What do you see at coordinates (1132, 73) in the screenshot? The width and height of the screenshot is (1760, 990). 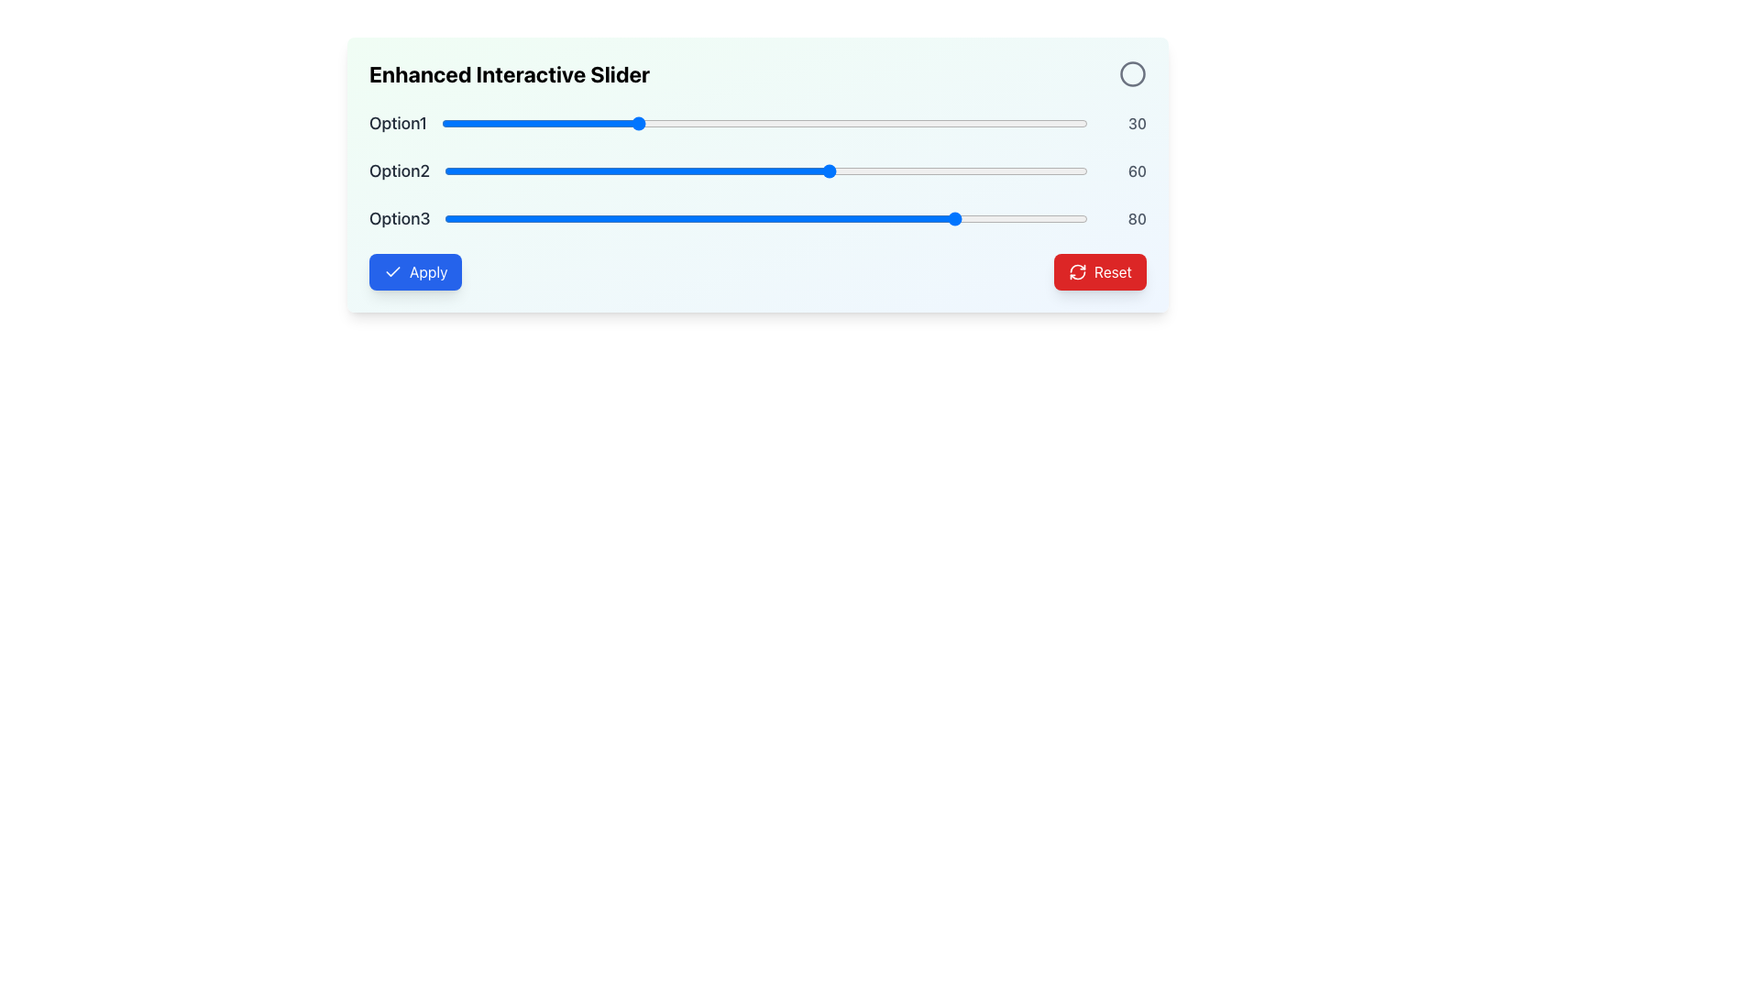 I see `the circular SVG component located in the upper-right corner of the interface, next to the 'Reset' button` at bounding box center [1132, 73].